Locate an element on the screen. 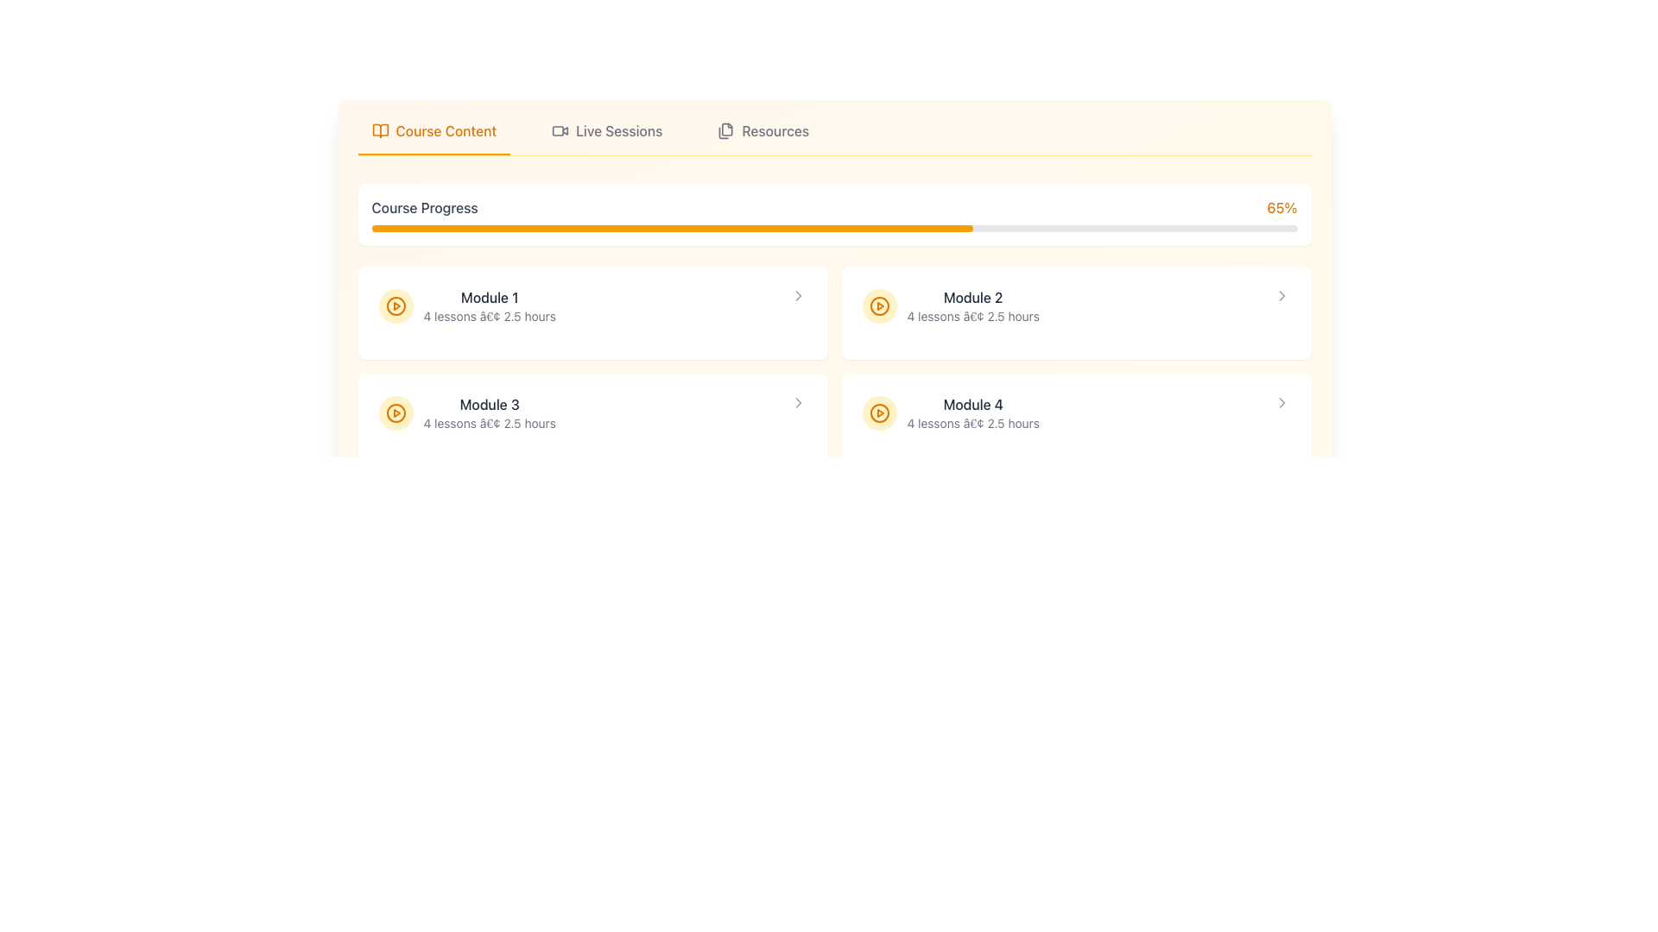 The height and width of the screenshot is (932, 1658). the text display UI component showing 'Module 1' and its details is located at coordinates (489, 305).